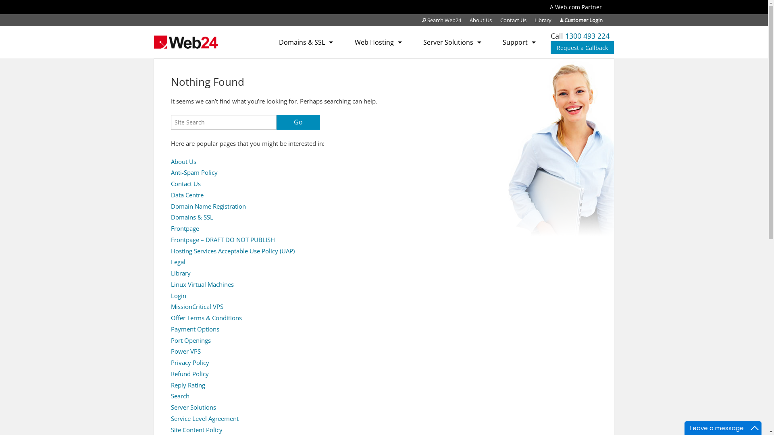 This screenshot has width=774, height=435. Describe the element at coordinates (412, 42) in the screenshot. I see `'Server Solutions'` at that location.